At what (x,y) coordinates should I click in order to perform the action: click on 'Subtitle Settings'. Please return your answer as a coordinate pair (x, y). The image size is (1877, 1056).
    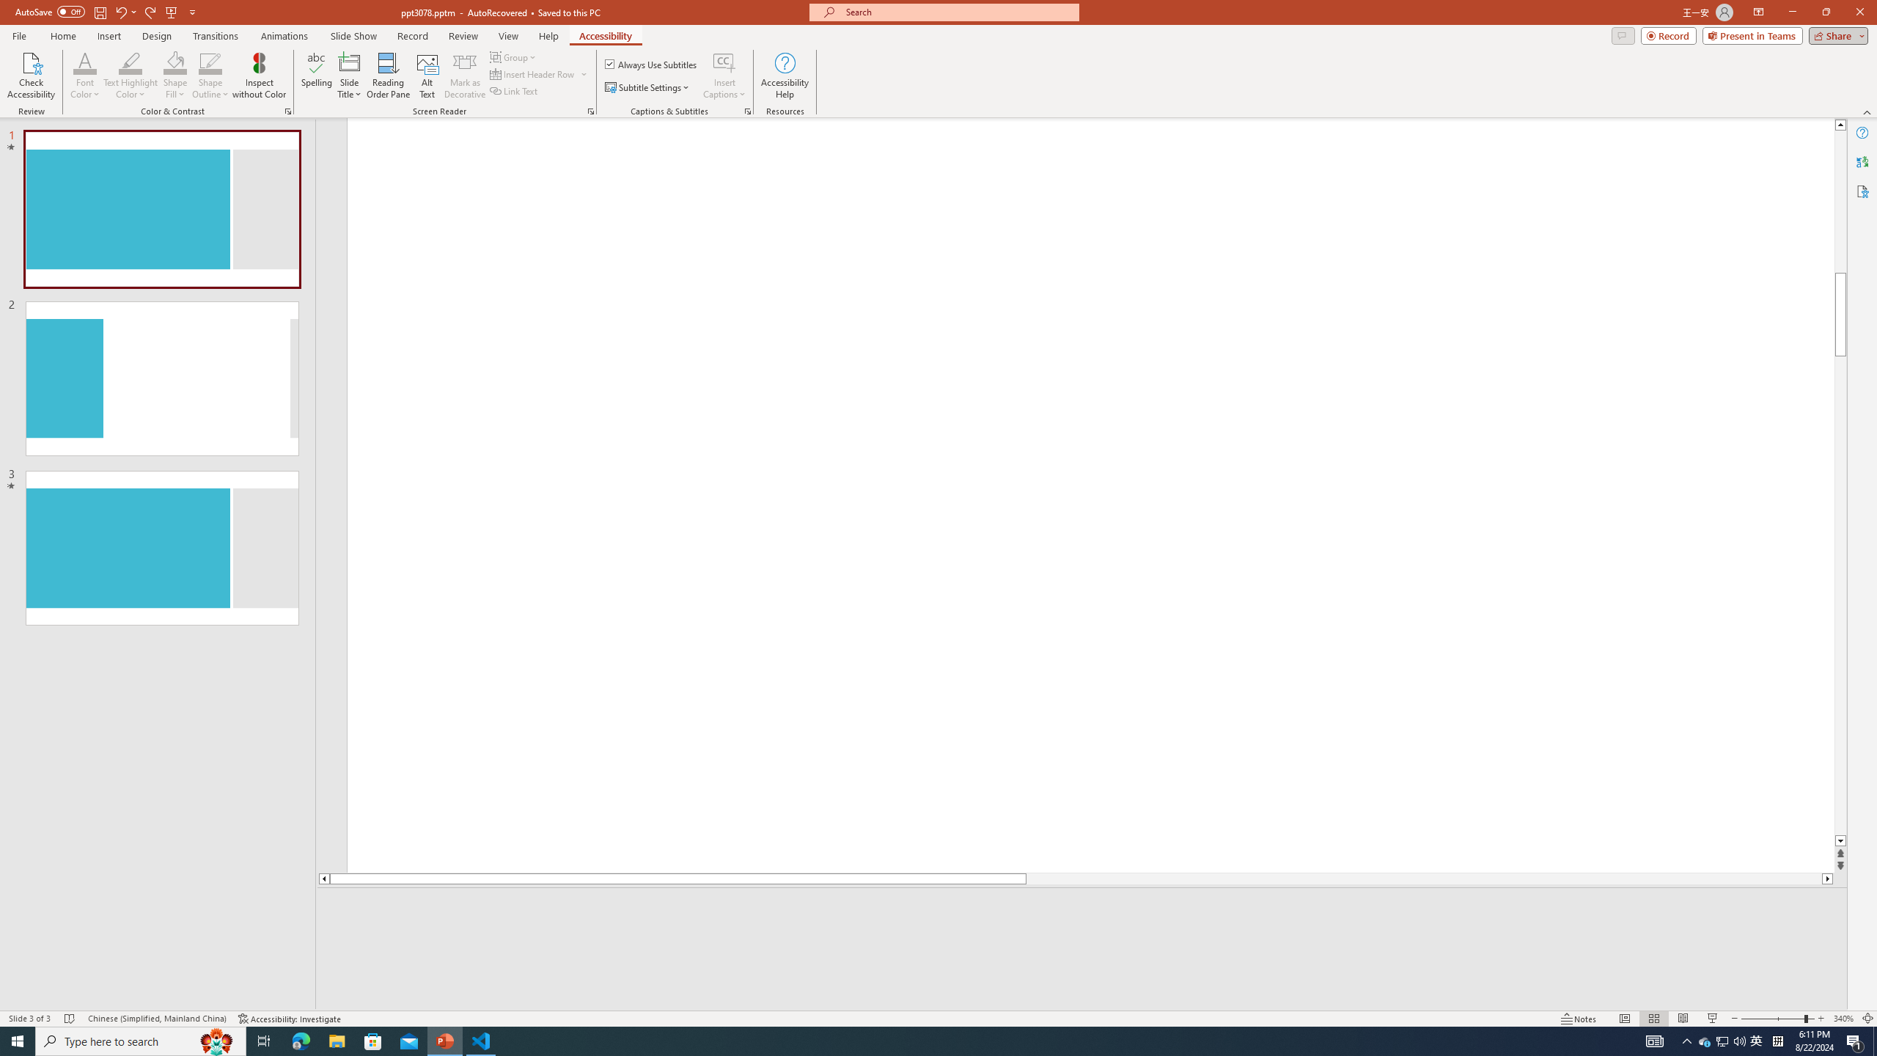
    Looking at the image, I should click on (648, 87).